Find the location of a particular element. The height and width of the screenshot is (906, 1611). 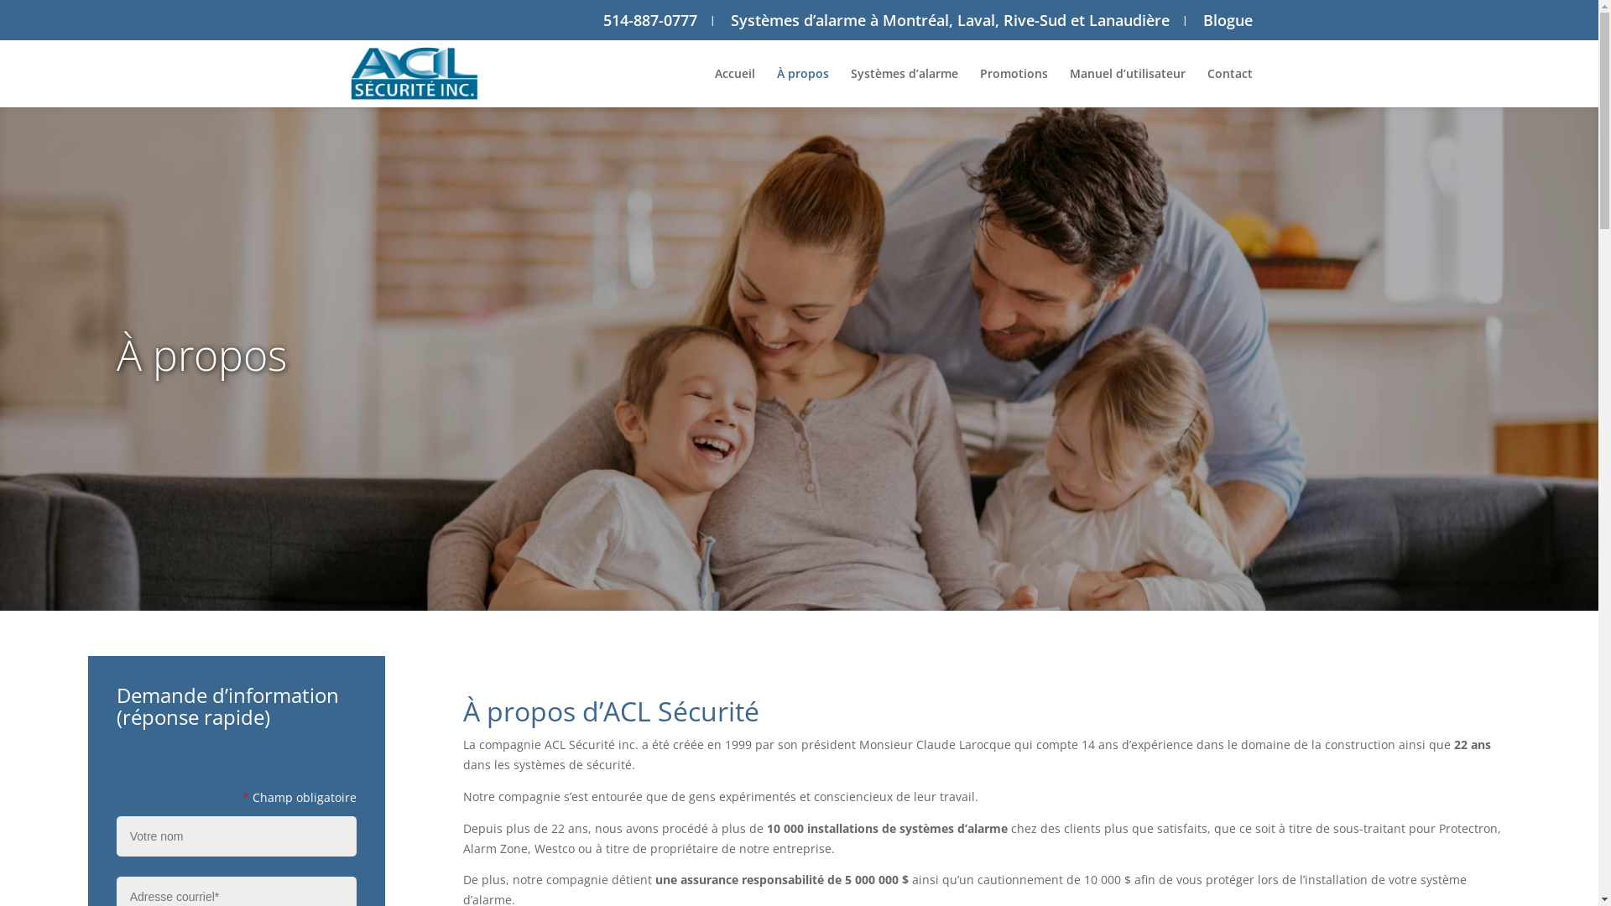

'Accueil' is located at coordinates (714, 87).